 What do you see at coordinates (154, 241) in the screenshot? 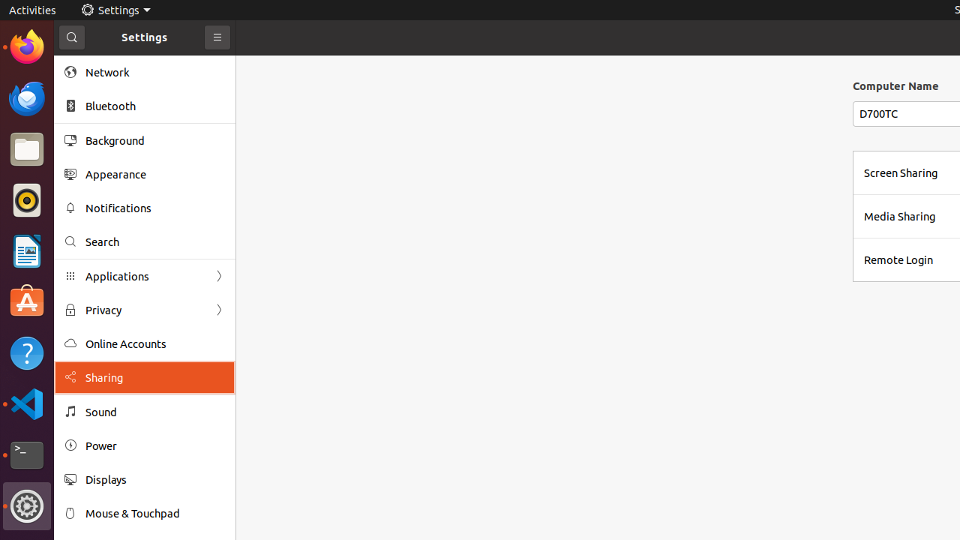
I see `'Search'` at bounding box center [154, 241].